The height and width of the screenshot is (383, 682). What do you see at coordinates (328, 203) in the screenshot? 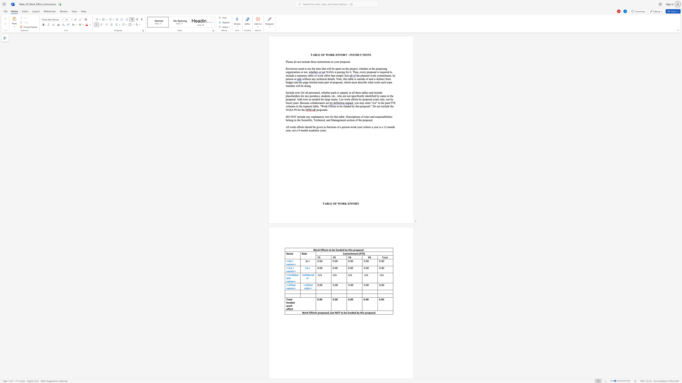
I see `the space between the continuous character "B" and "L" in the text` at bounding box center [328, 203].